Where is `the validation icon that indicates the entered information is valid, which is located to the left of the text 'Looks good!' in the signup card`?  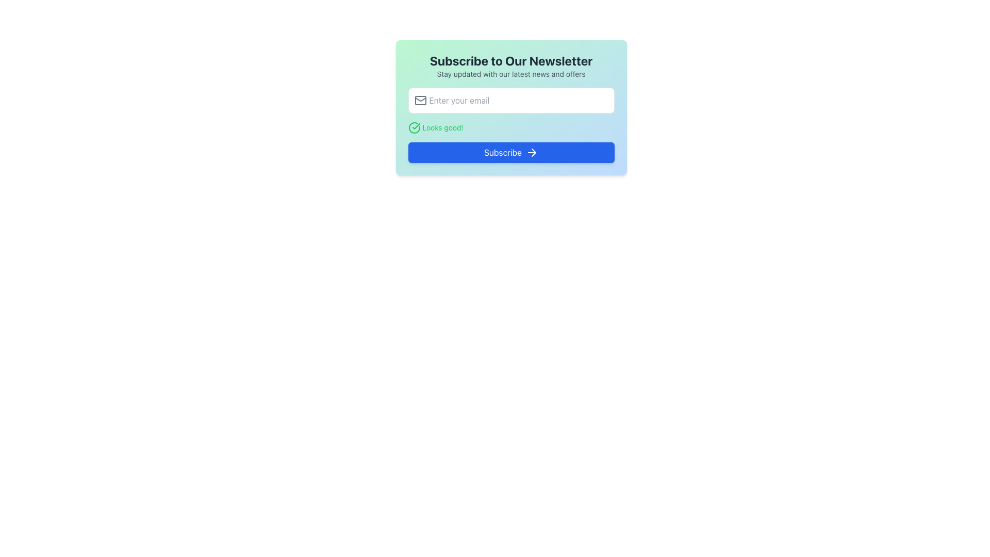 the validation icon that indicates the entered information is valid, which is located to the left of the text 'Looks good!' in the signup card is located at coordinates (414, 127).